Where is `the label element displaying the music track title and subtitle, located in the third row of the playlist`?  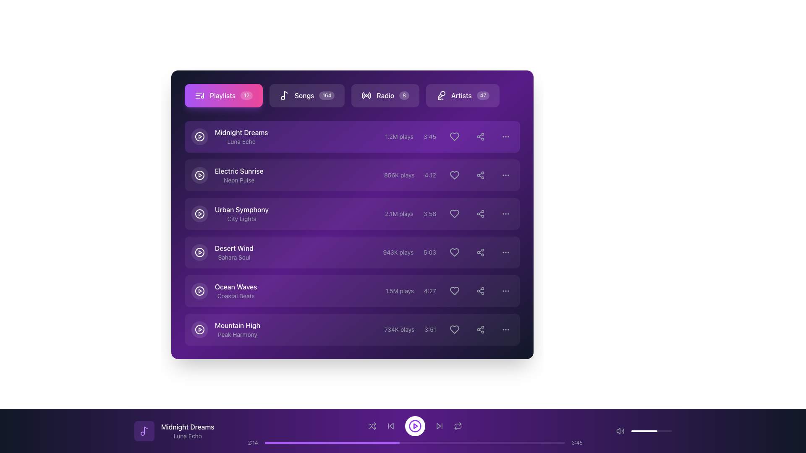 the label element displaying the music track title and subtitle, located in the third row of the playlist is located at coordinates (241, 213).